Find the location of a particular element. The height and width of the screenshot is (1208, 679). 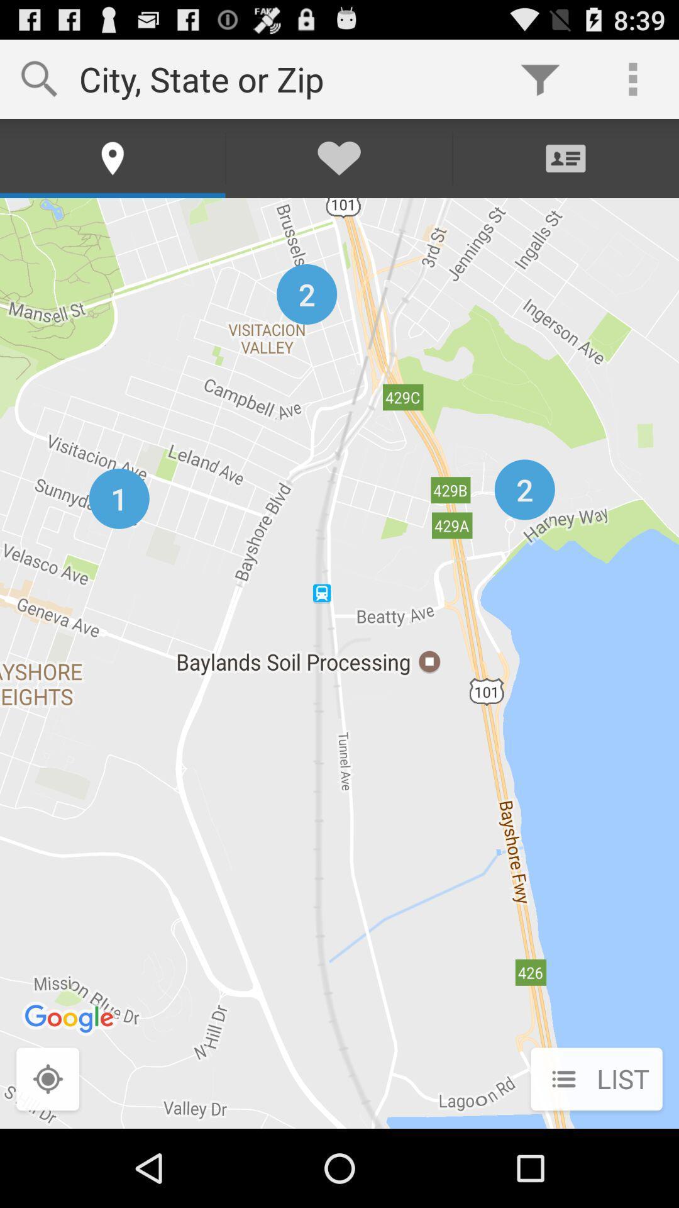

the list icon is located at coordinates (596, 1080).